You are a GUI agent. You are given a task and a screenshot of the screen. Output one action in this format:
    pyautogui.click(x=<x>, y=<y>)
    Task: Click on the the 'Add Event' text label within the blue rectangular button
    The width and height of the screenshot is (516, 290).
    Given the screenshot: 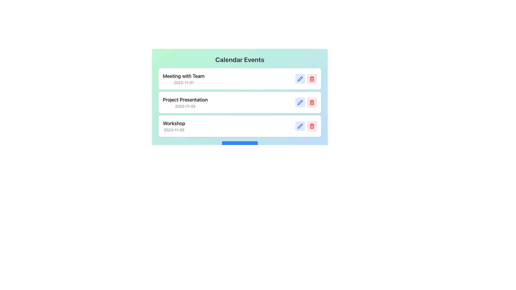 What is the action you would take?
    pyautogui.click(x=243, y=147)
    